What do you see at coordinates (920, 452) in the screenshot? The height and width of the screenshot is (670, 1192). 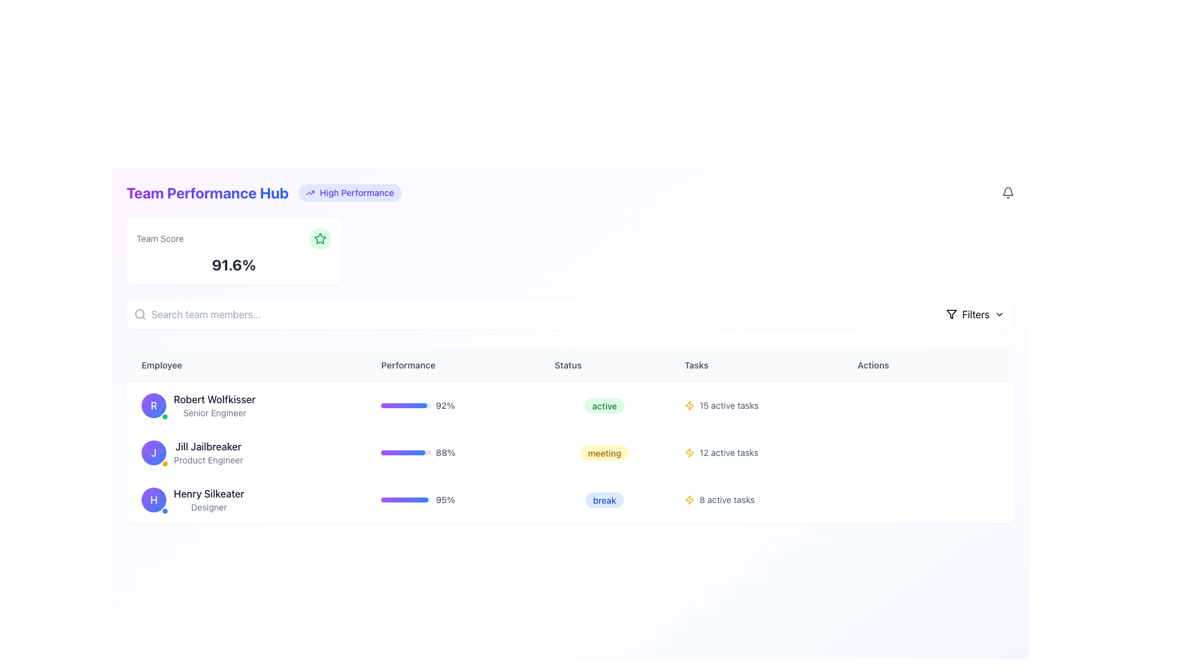 I see `the third interactive button in the 'Actions' column of the data table associated with 'Jill Jailbreaker', which functions as an action button for messages or communication` at bounding box center [920, 452].